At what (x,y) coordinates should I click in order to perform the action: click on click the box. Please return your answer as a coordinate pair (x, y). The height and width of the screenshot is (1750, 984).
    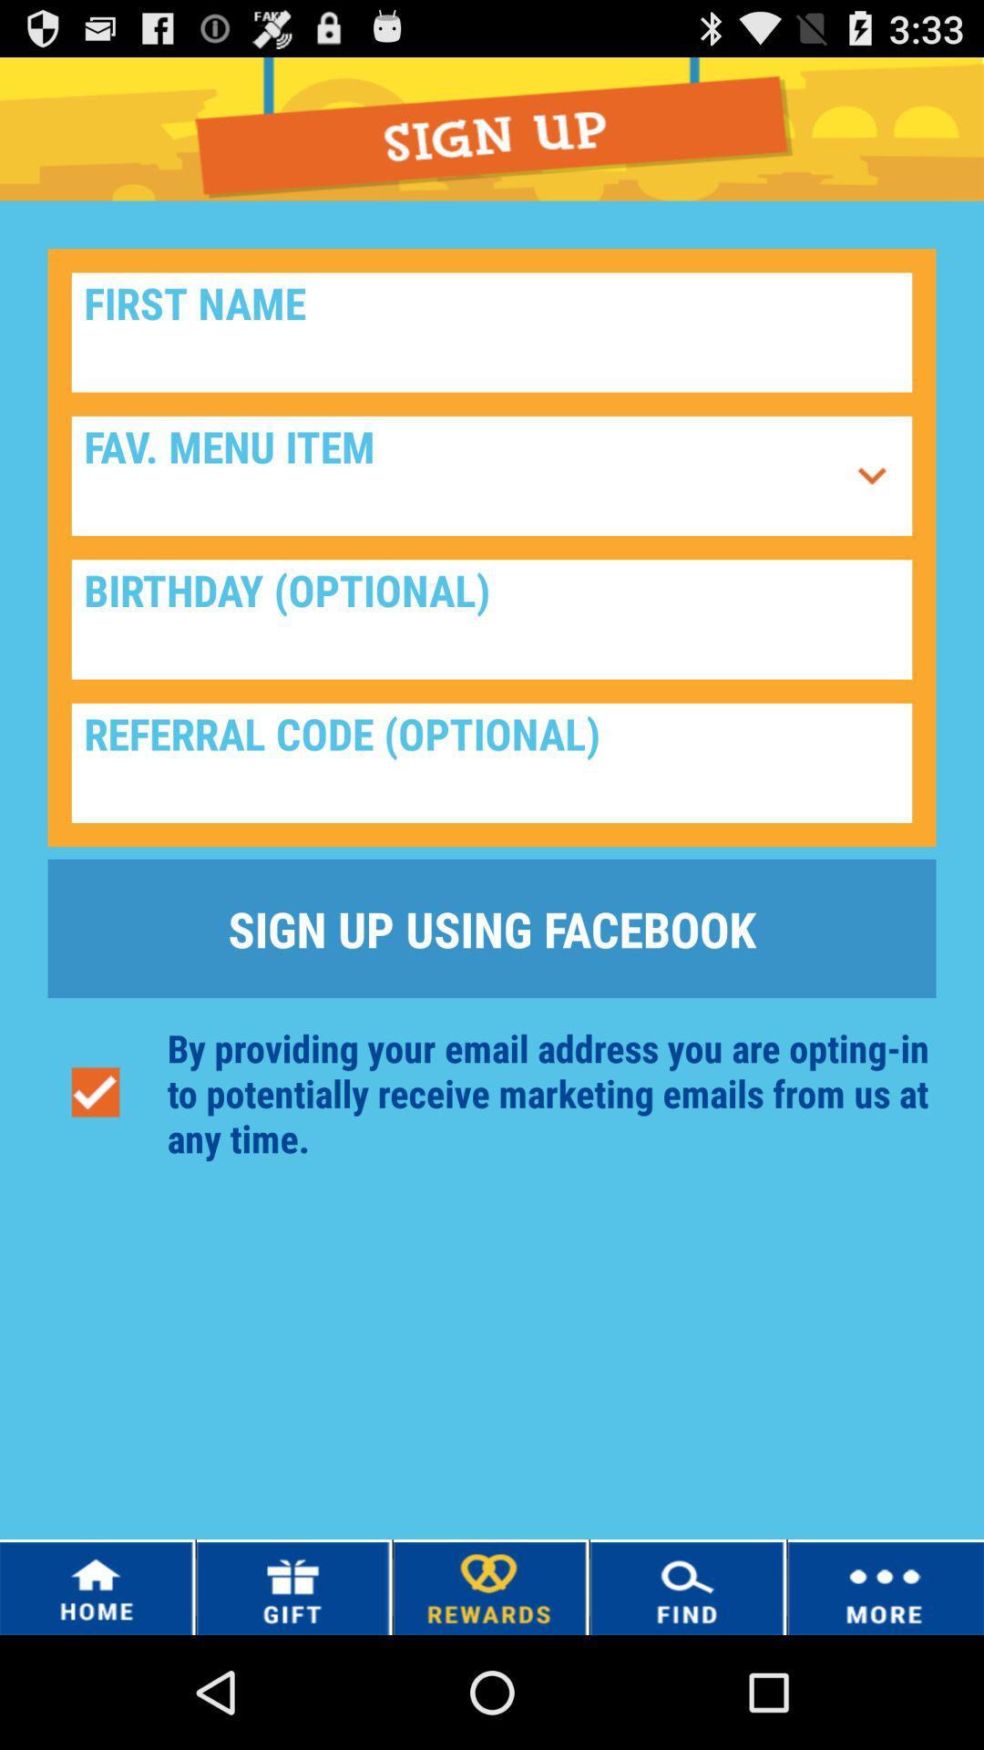
    Looking at the image, I should click on (492, 763).